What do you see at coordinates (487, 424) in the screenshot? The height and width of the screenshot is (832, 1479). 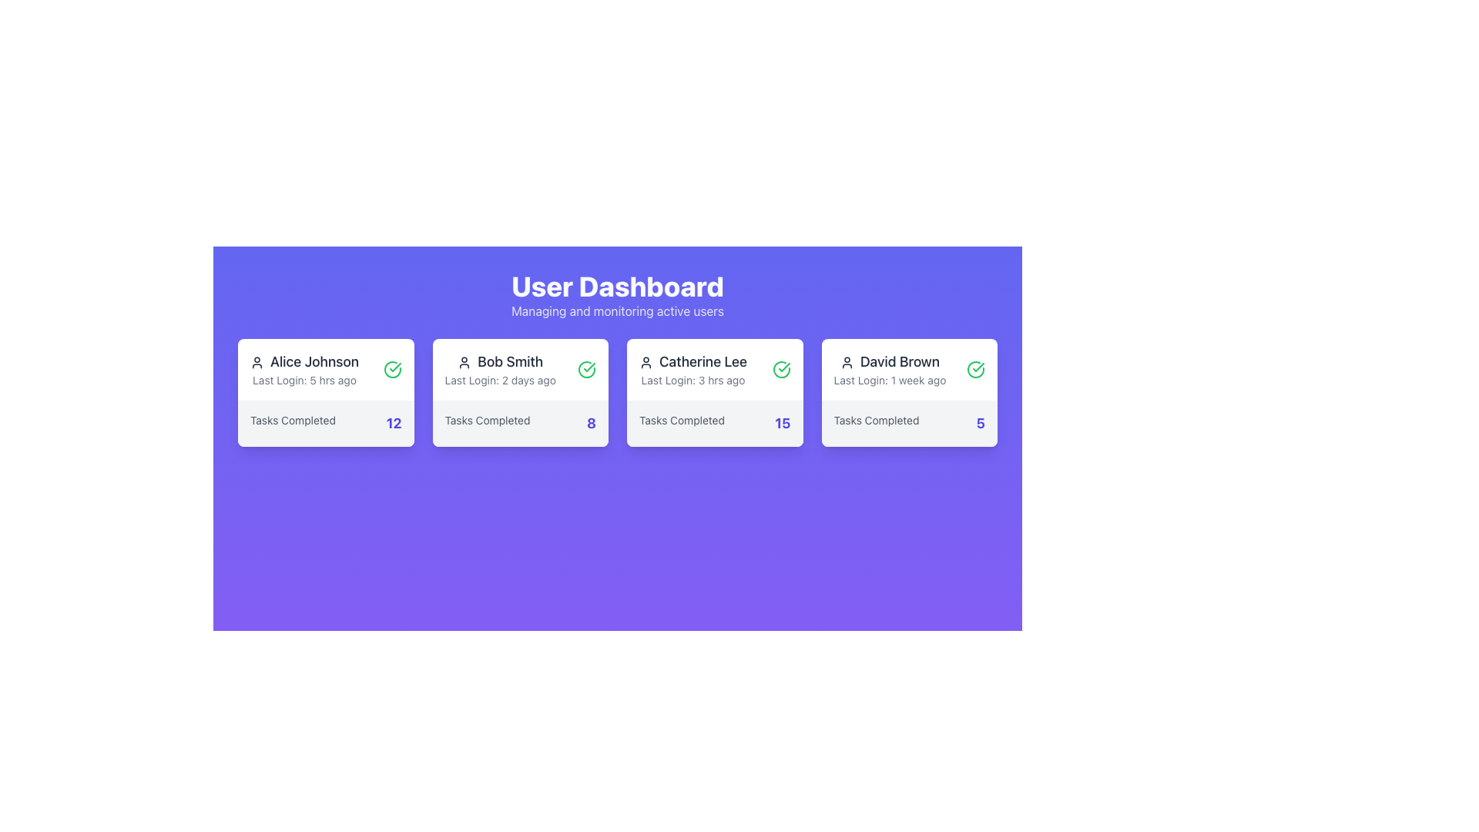 I see `the text label reading 'Tasks Completed' located at the bottom-left corner of the card labeled 'Bob Smith'` at bounding box center [487, 424].